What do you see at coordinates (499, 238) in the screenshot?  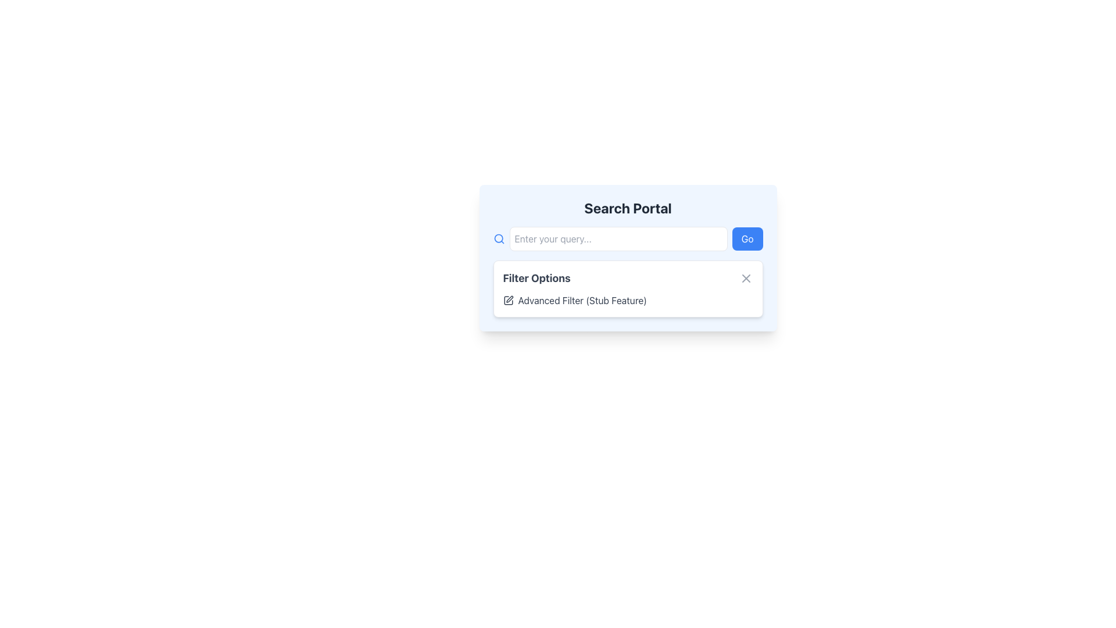 I see `the blue magnifying glass icon located to the immediate left of the input field in the 'Search Portal' interface to initiate a search` at bounding box center [499, 238].